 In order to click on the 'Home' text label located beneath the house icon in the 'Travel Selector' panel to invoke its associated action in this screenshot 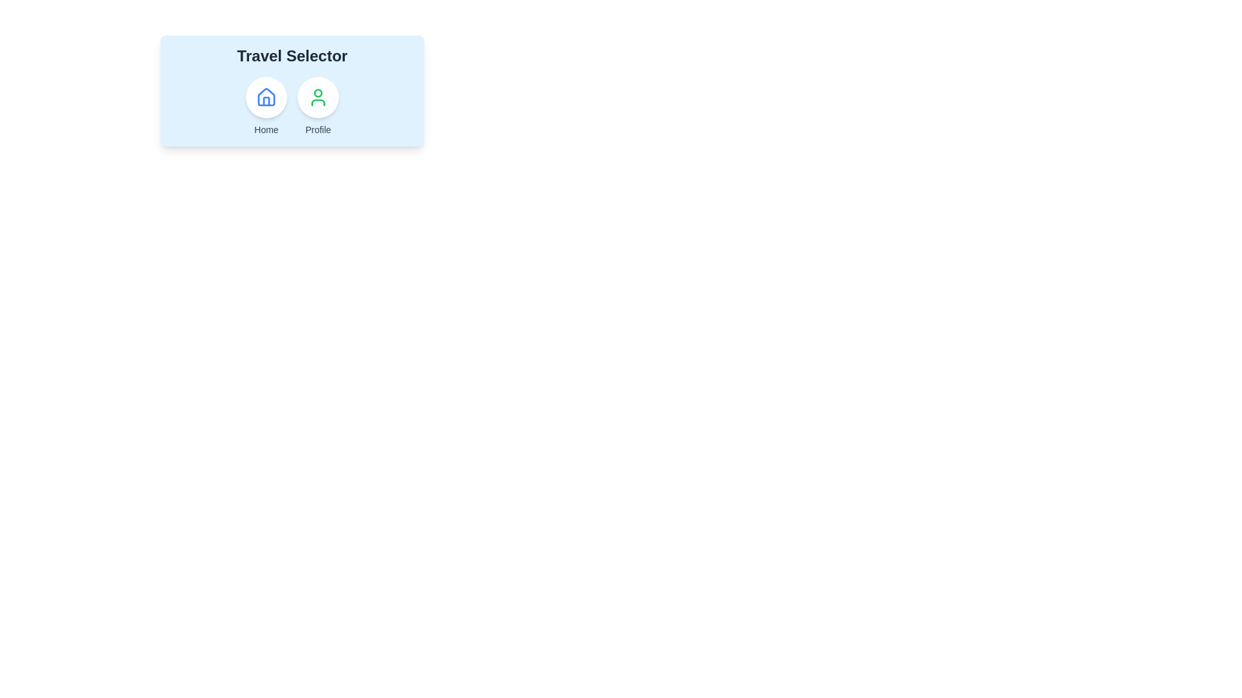, I will do `click(266, 129)`.